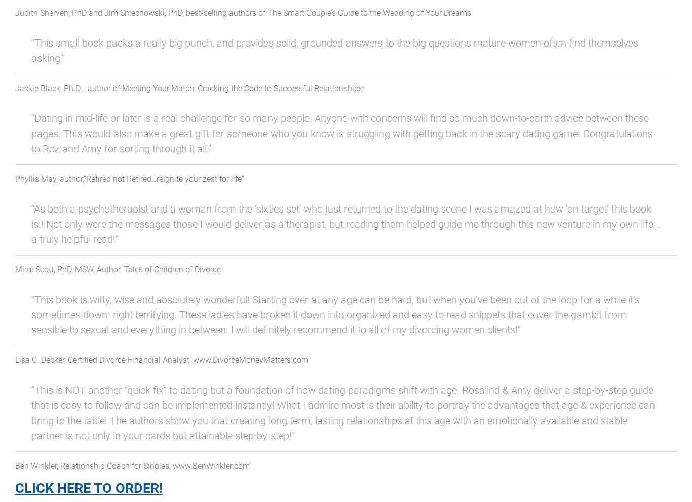 This screenshot has width=692, height=502. Describe the element at coordinates (162, 360) in the screenshot. I see `'Lisa C. Decker, Certified Divorce Financial Analyst, www.DivorceMoneyMatters.com'` at that location.